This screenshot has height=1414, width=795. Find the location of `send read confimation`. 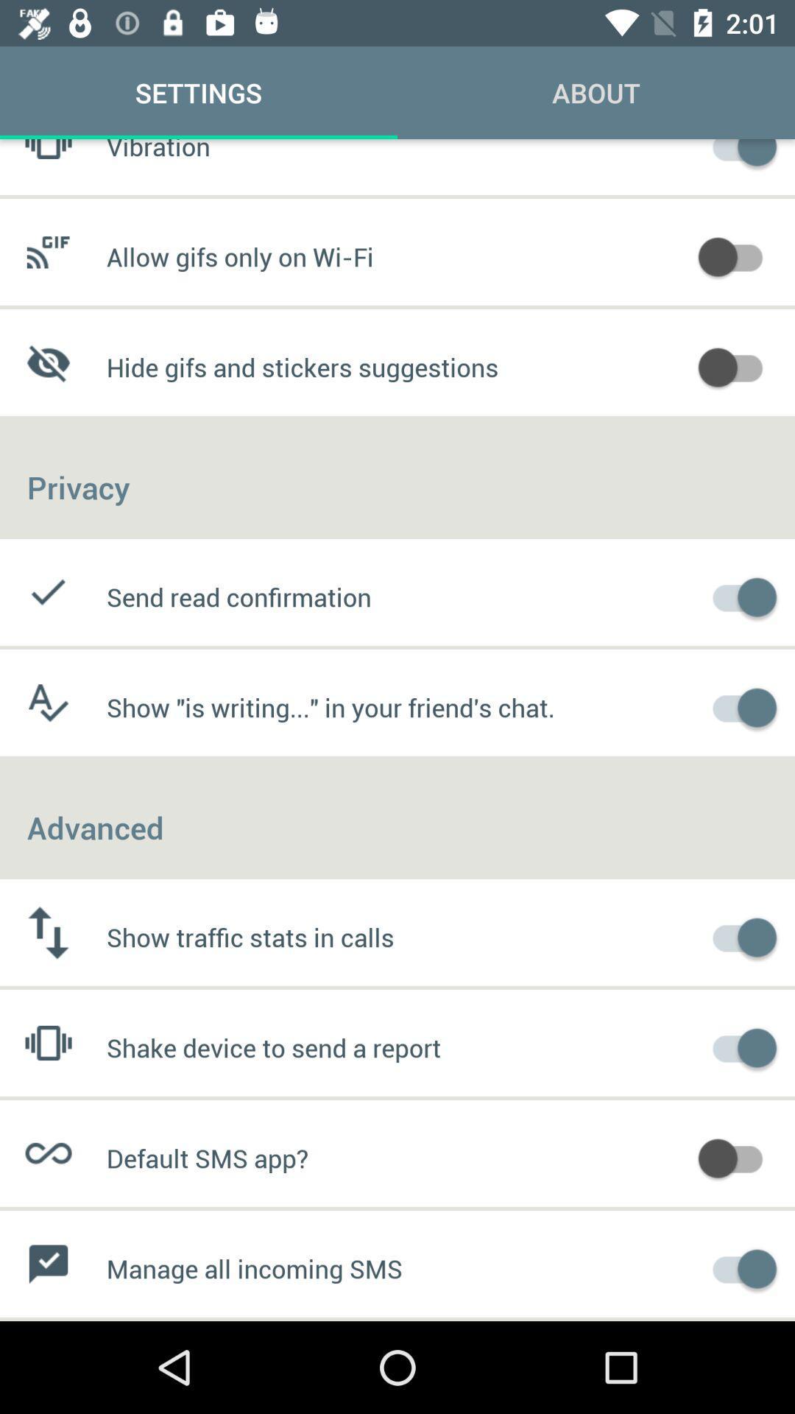

send read confimation is located at coordinates (738, 595).